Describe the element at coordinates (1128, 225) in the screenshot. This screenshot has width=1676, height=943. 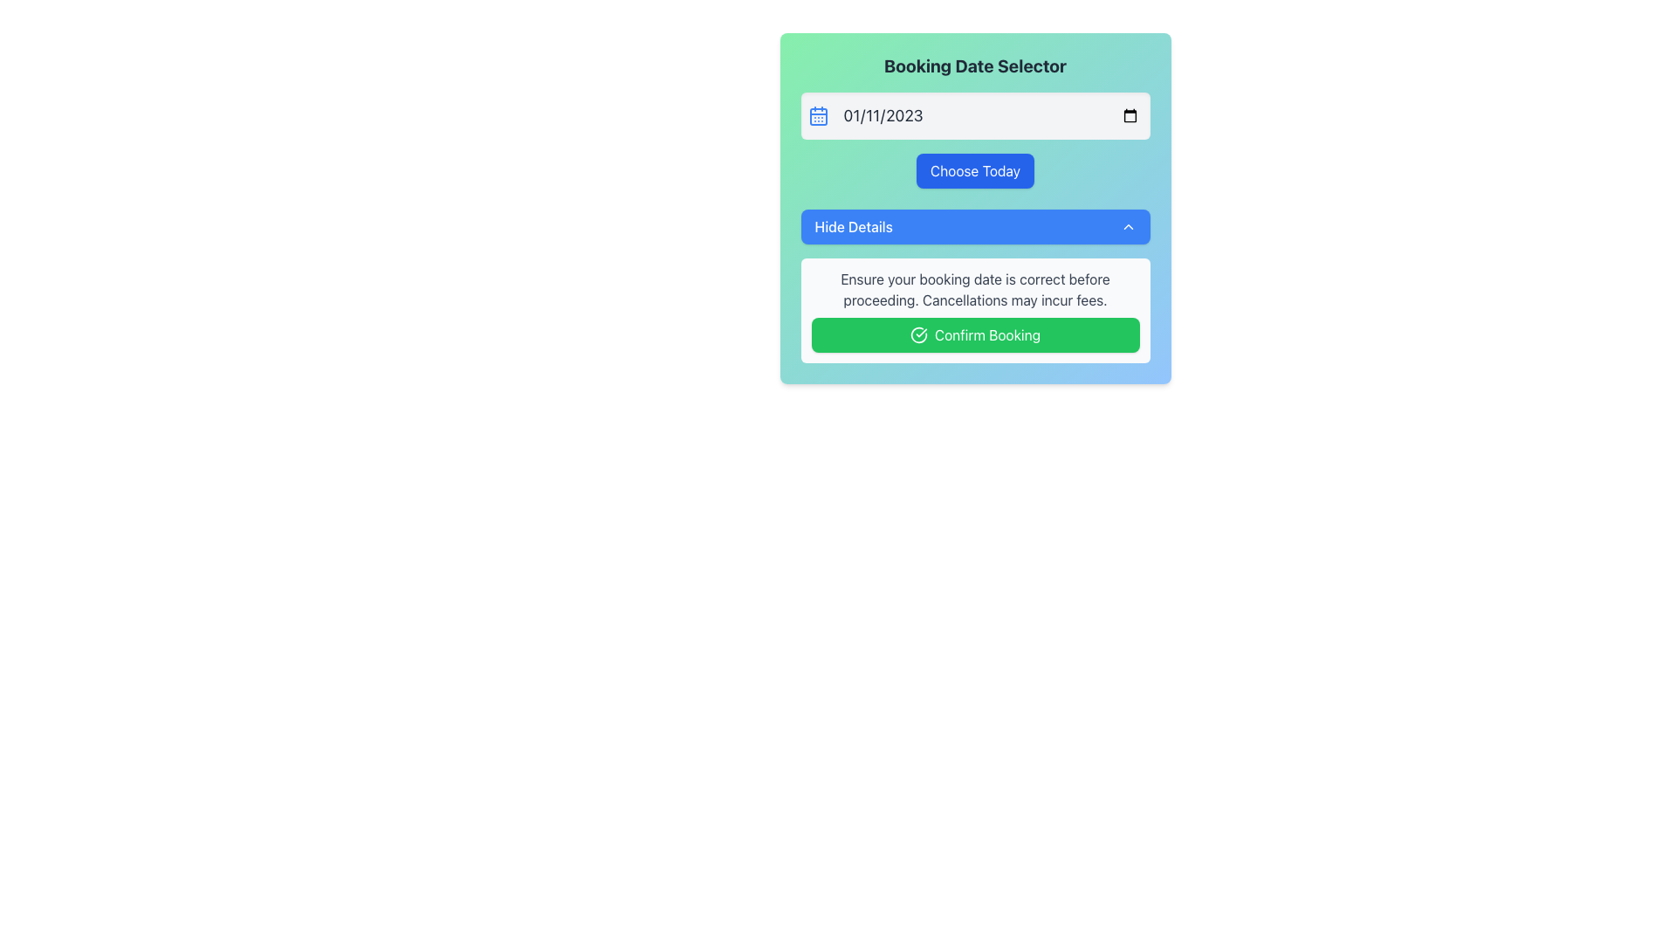
I see `the upward chevron-shaped icon located at the rightmost end of the 'Hide Details' button` at that location.